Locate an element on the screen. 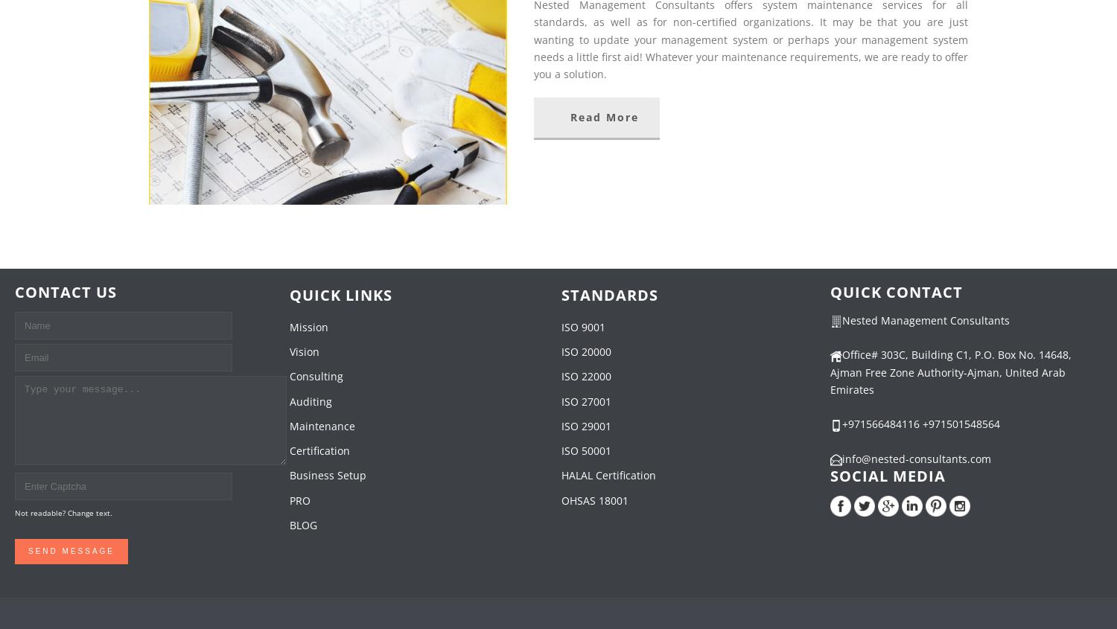  'ISO 9001' is located at coordinates (561, 326).